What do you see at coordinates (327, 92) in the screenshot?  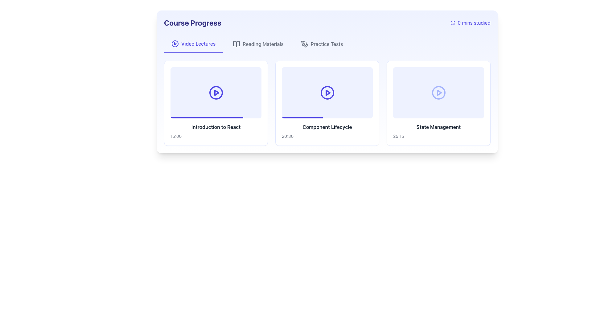 I see `the circular icon containing the triangular play symbol in the second card of the 'Course Progress' section` at bounding box center [327, 92].